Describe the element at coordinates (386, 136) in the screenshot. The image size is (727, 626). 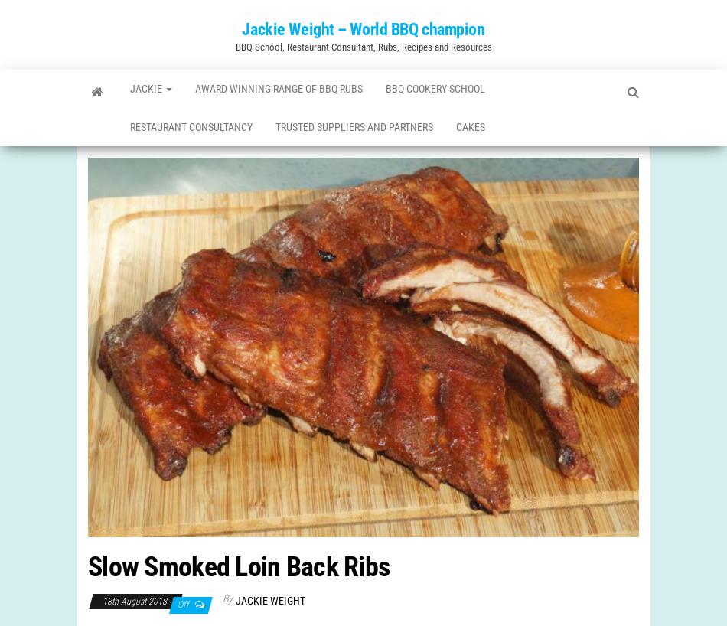
I see `'Trusted Suppliers and Partners'` at that location.